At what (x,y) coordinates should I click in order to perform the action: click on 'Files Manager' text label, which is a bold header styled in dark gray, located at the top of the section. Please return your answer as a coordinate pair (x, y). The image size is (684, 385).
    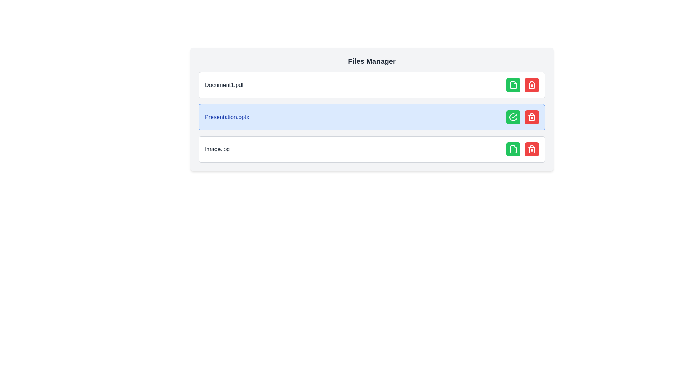
    Looking at the image, I should click on (371, 61).